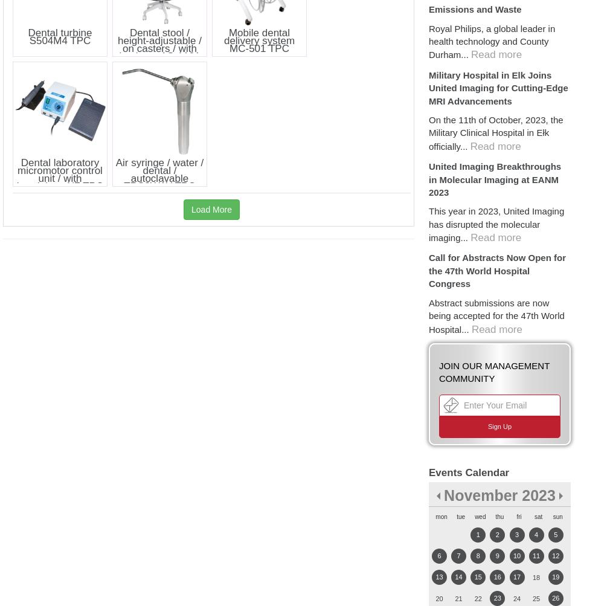 The height and width of the screenshot is (606, 610). What do you see at coordinates (223, 40) in the screenshot?
I see `'Mobile dental delivery system MC-501 TPC'` at bounding box center [223, 40].